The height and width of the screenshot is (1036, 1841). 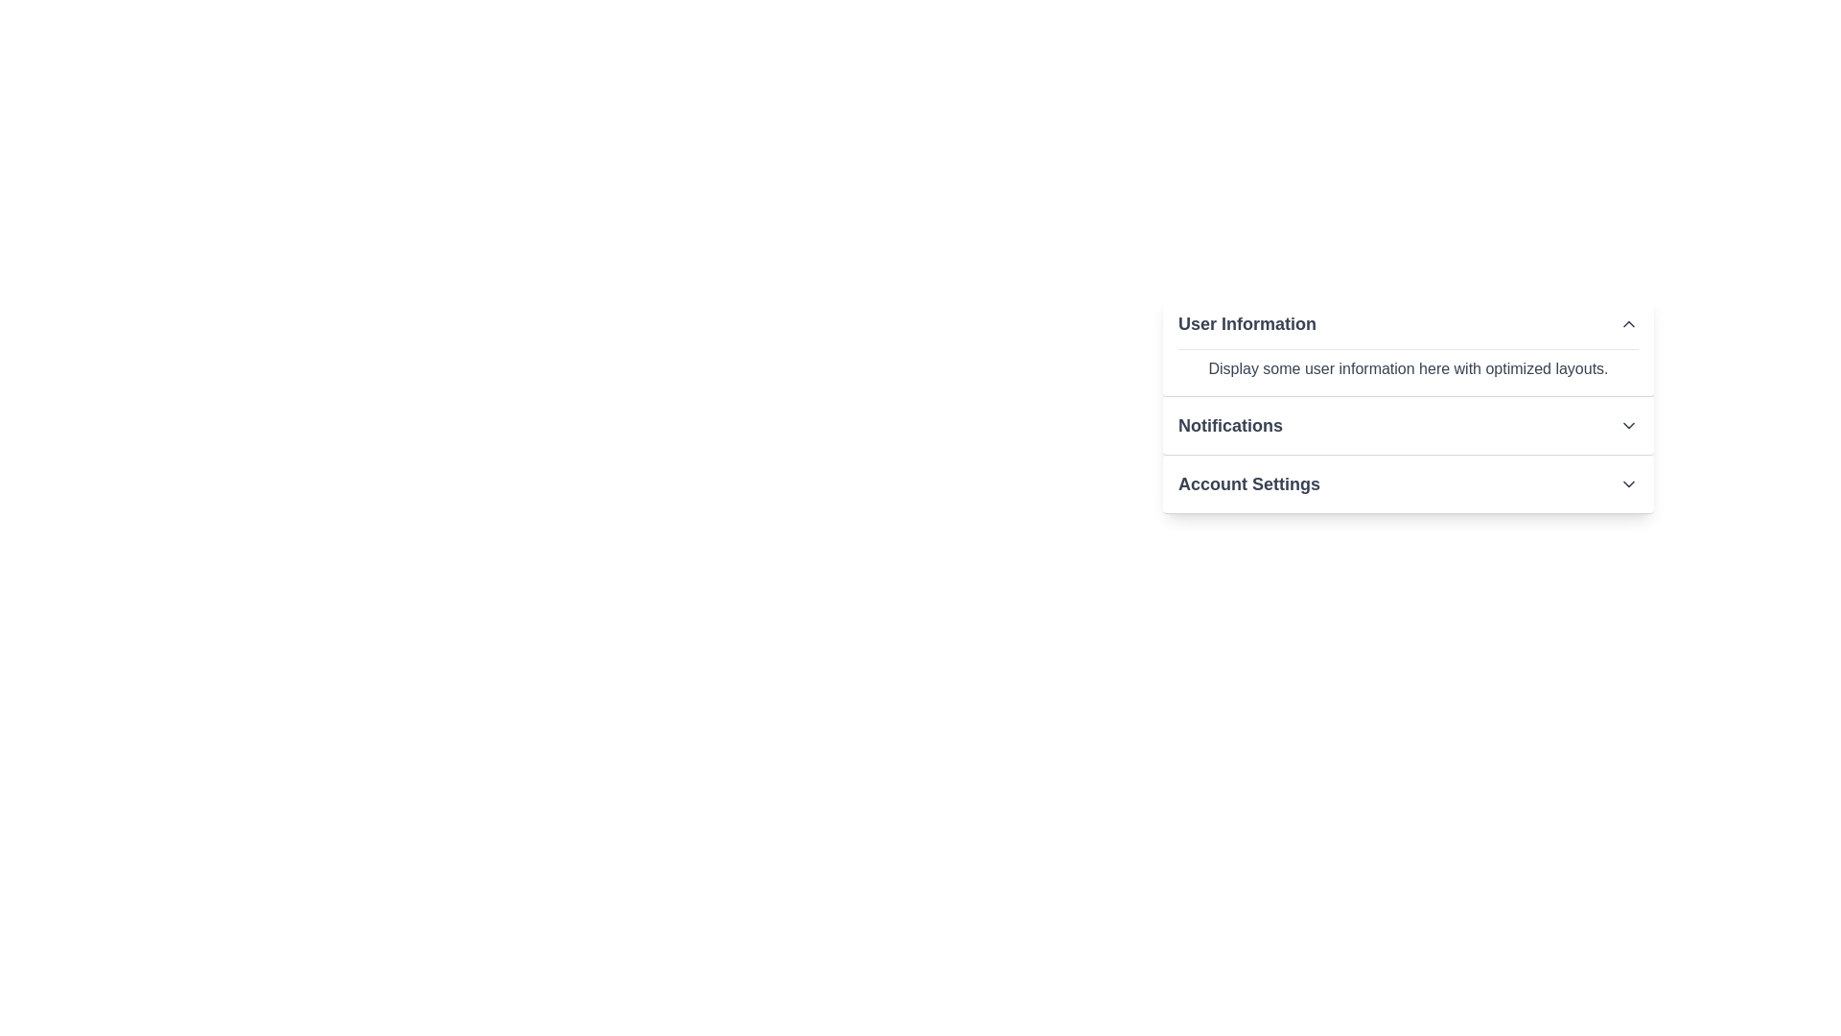 What do you see at coordinates (1408, 403) in the screenshot?
I see `the collapsible or expandable menu component located in the center of the modal` at bounding box center [1408, 403].